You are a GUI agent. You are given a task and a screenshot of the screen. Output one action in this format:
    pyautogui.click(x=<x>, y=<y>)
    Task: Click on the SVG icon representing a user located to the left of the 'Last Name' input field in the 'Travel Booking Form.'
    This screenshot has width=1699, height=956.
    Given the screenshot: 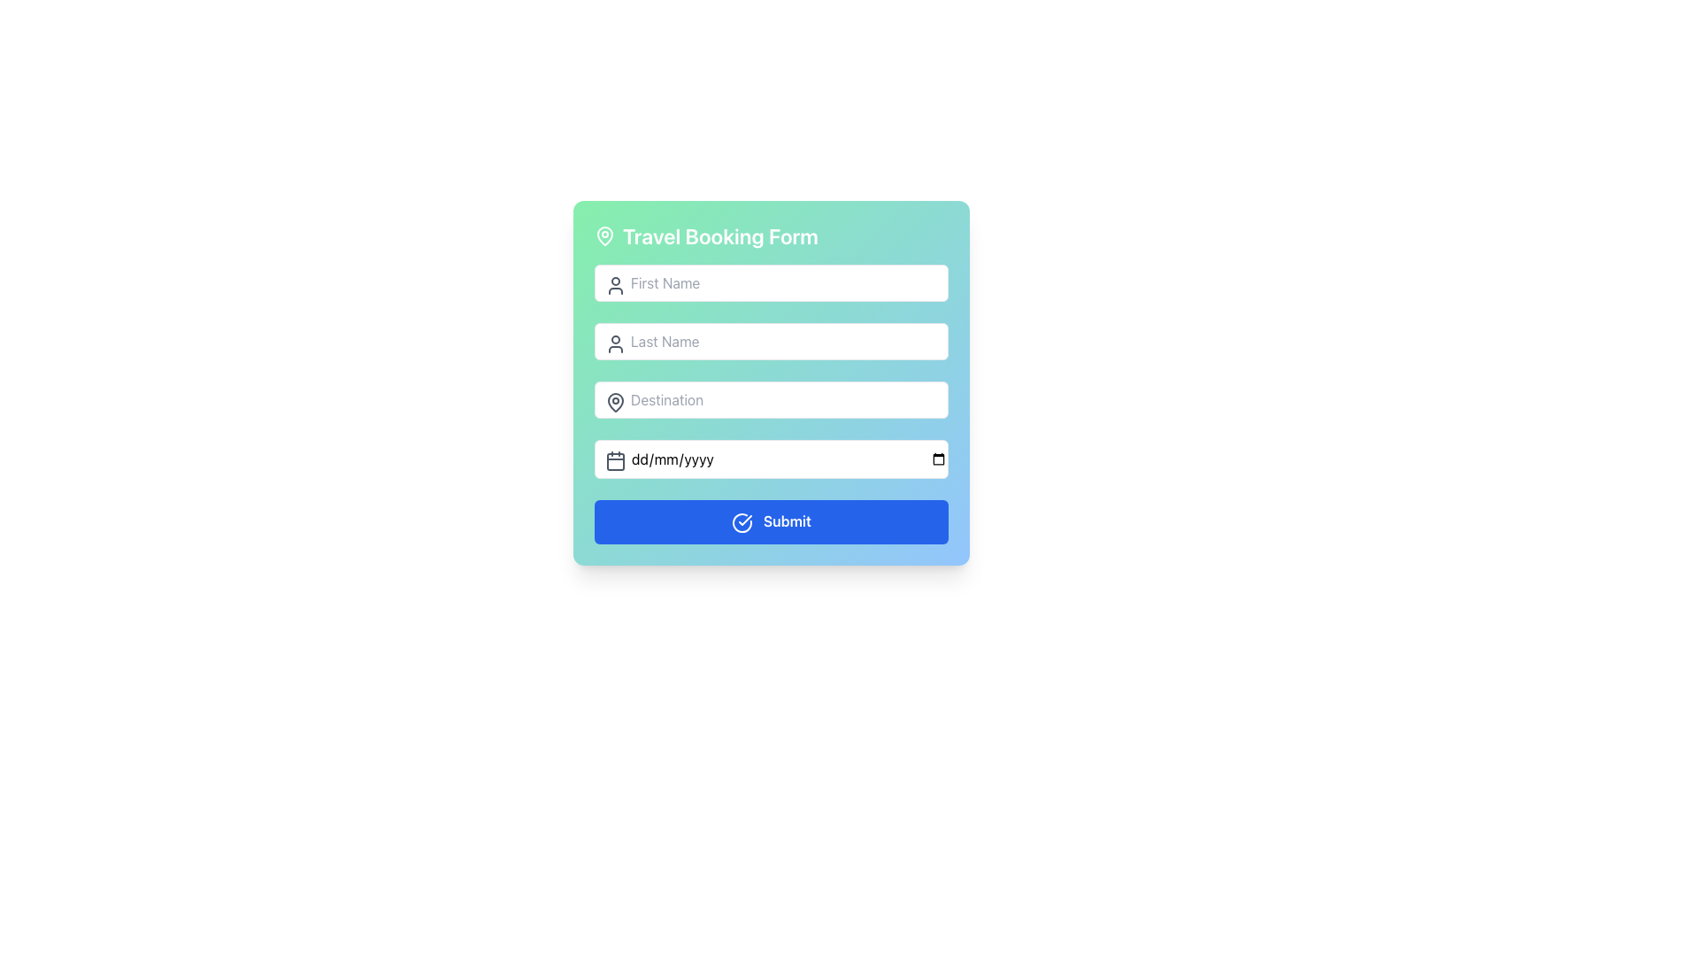 What is the action you would take?
    pyautogui.click(x=616, y=344)
    